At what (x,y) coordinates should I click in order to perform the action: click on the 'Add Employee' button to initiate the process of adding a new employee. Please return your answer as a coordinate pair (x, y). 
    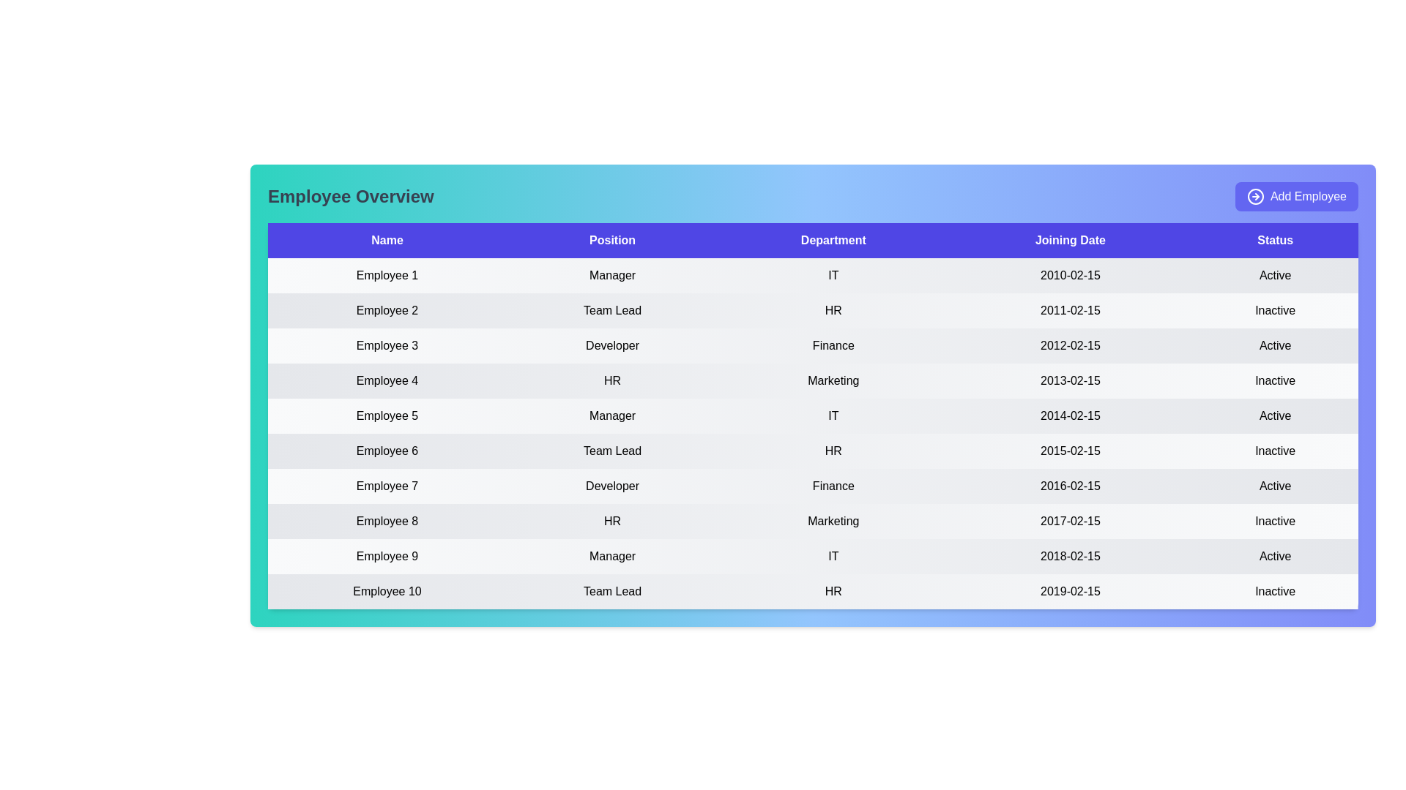
    Looking at the image, I should click on (1297, 196).